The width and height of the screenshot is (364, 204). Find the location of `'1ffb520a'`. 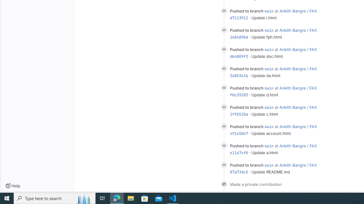

'1ffb520a' is located at coordinates (239, 114).